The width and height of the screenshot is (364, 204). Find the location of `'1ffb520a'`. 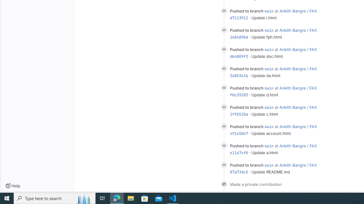

'1ffb520a' is located at coordinates (239, 114).